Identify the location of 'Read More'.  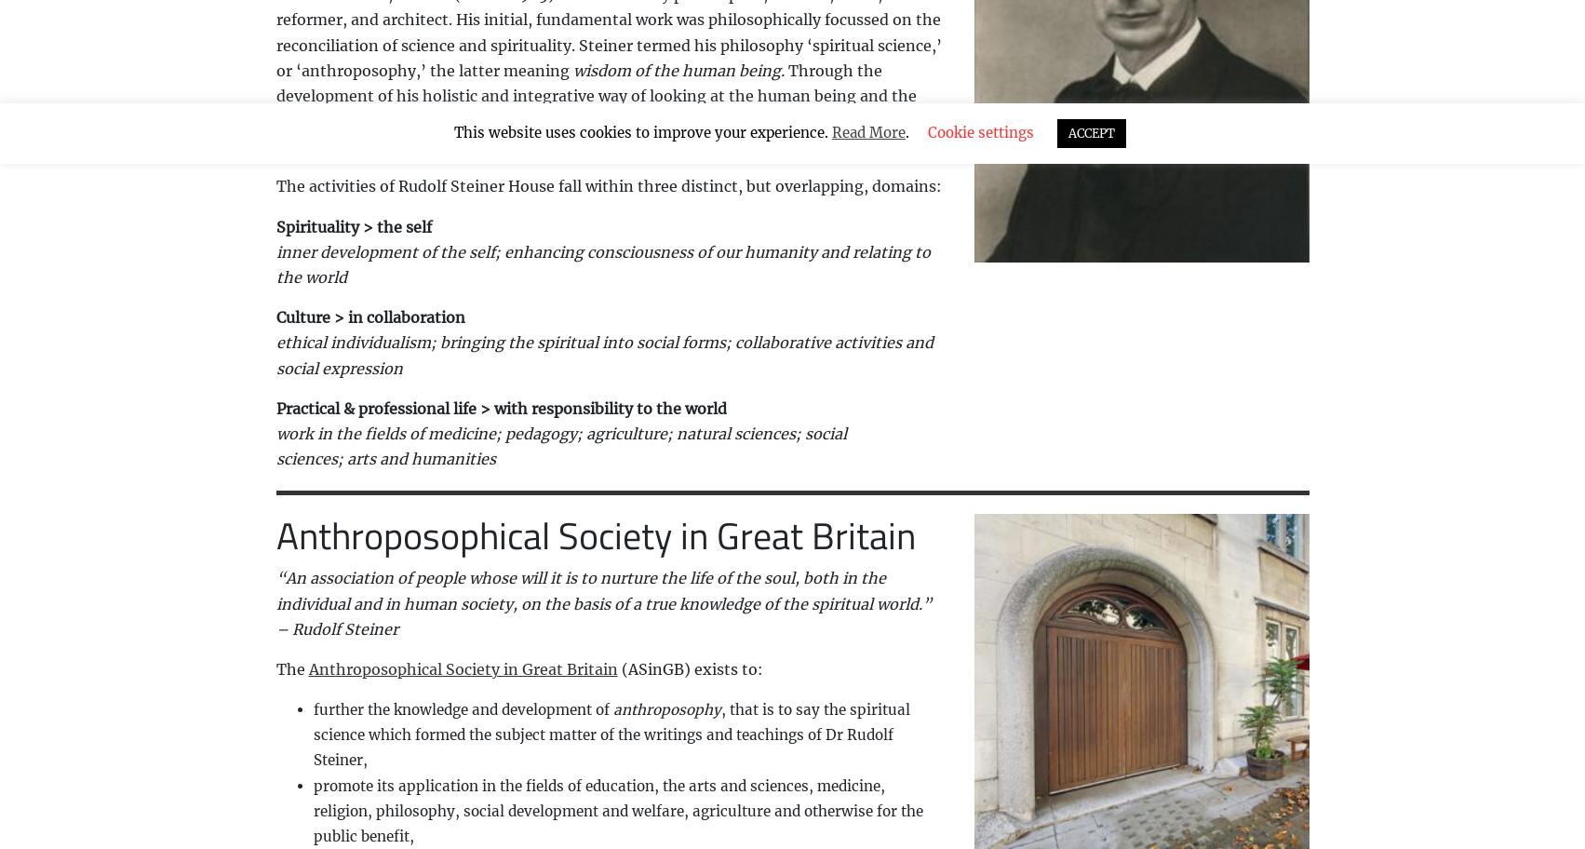
(831, 131).